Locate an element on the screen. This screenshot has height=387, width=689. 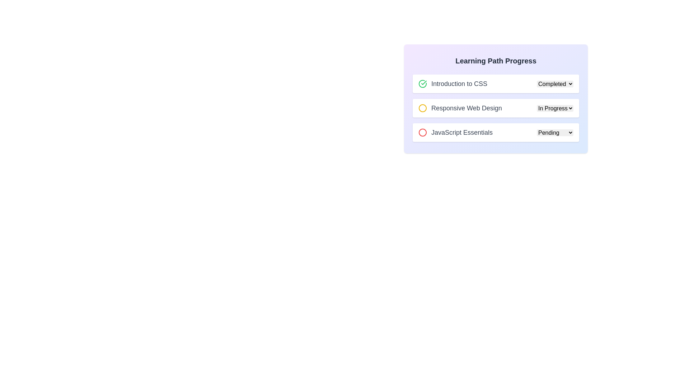
the first list item indicating the completion status of the 'Introduction to CSS' module for possible expanded view is located at coordinates (453, 83).